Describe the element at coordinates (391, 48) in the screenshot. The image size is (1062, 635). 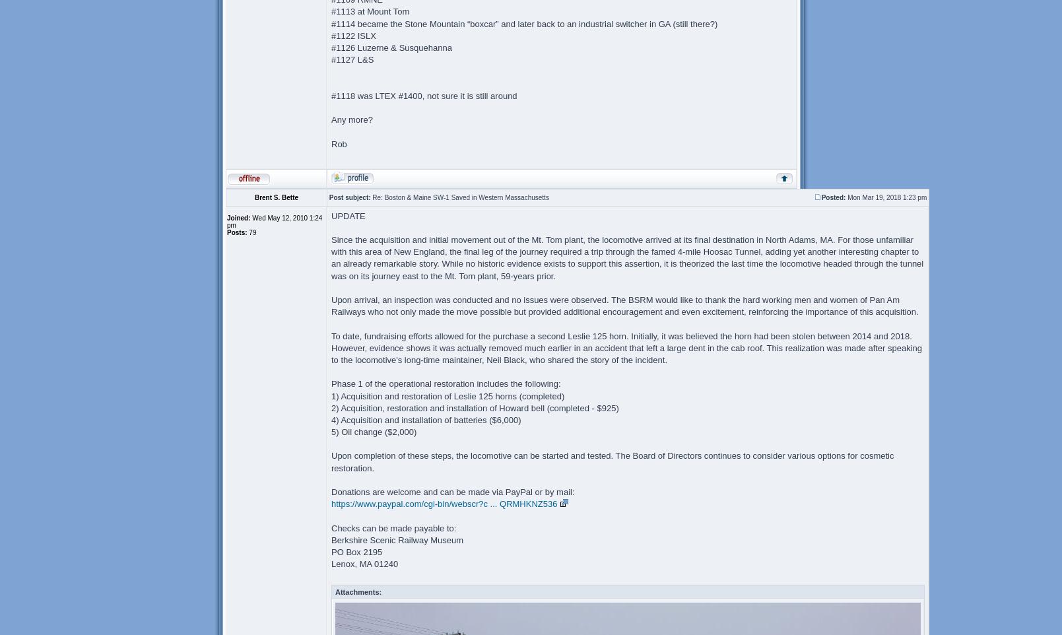
I see `'#1126 Luzerne & Susquehanna'` at that location.